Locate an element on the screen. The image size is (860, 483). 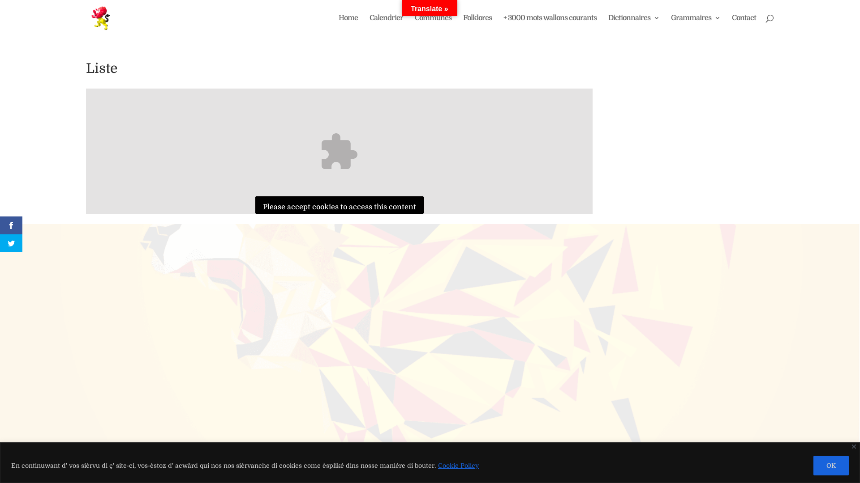
'Contact' is located at coordinates (744, 25).